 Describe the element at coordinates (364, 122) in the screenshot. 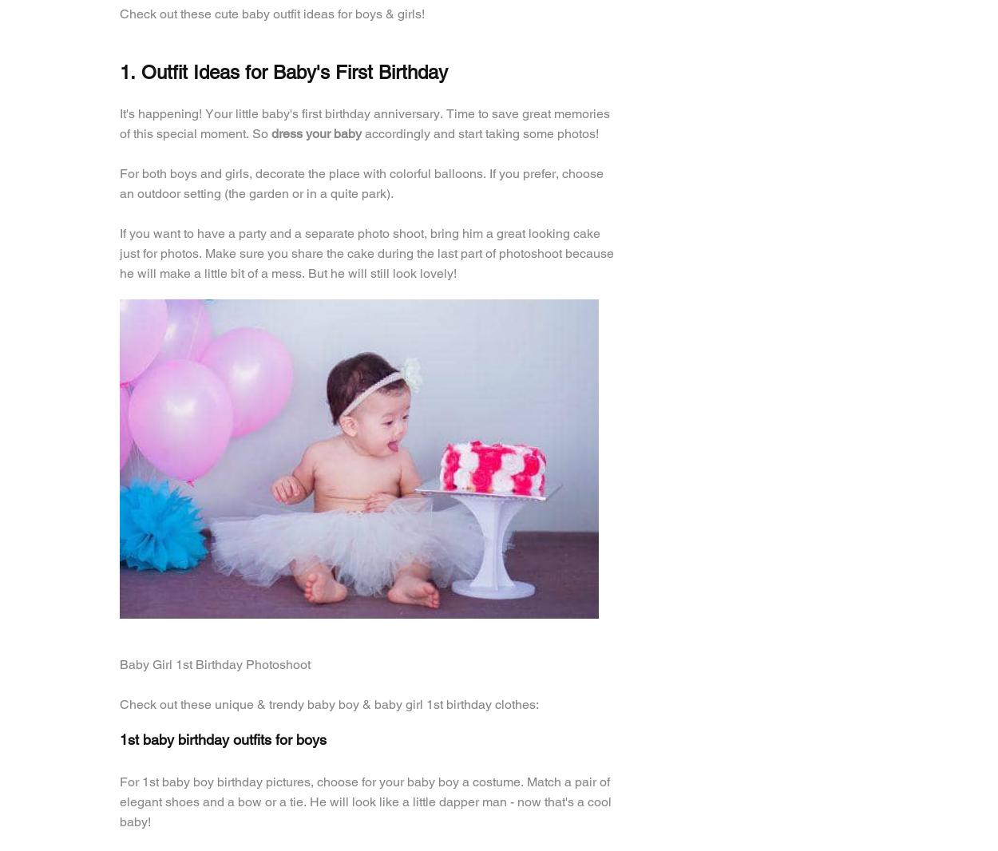

I see `'It's happening! Your little baby's first birthday anniversary. Time to save great memories of this special moment. So'` at that location.